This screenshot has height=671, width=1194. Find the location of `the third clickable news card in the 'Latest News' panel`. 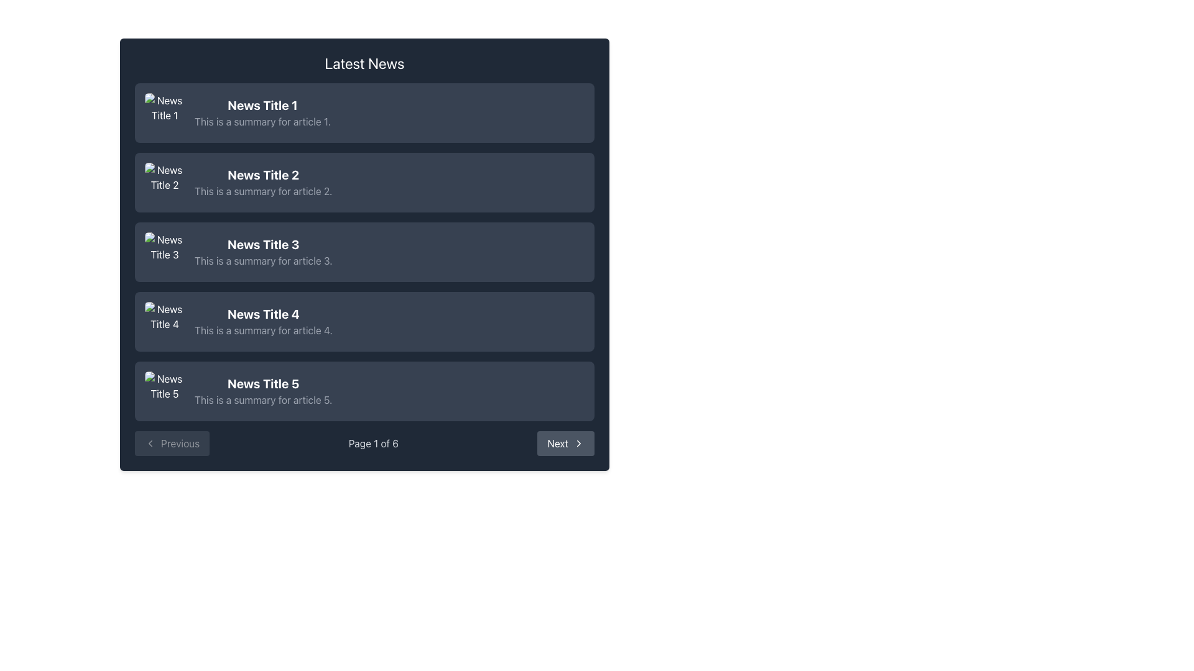

the third clickable news card in the 'Latest News' panel is located at coordinates (364, 252).